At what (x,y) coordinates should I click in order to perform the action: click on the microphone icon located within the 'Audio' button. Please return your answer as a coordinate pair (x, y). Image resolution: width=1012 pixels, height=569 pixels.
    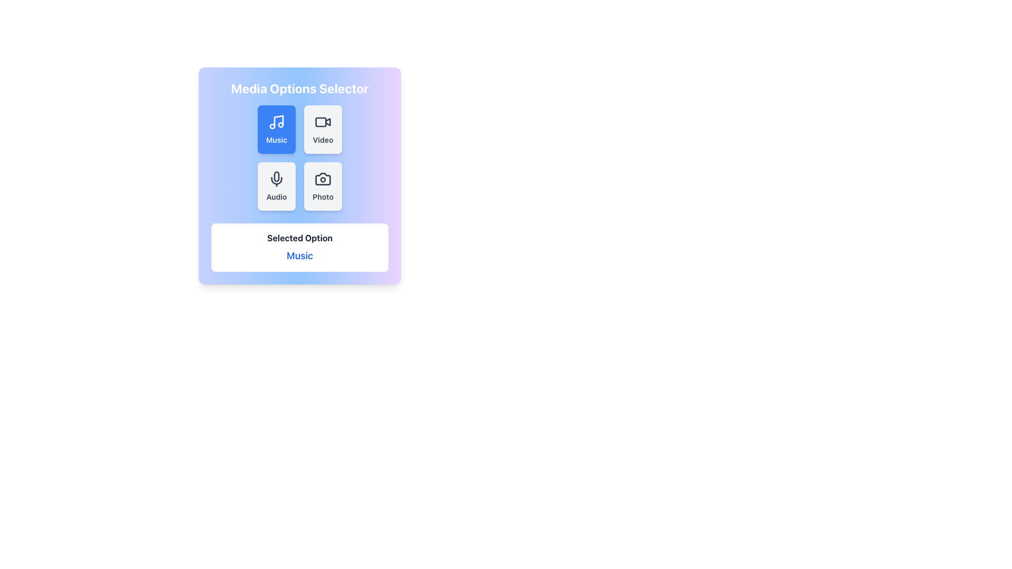
    Looking at the image, I should click on (276, 178).